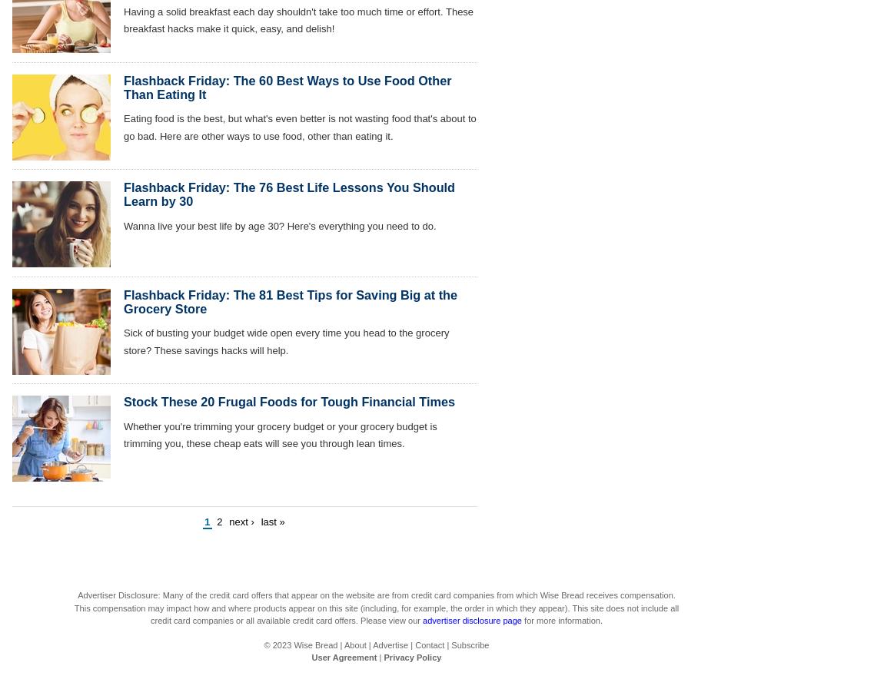 The width and height of the screenshot is (884, 699). Describe the element at coordinates (291, 300) in the screenshot. I see `'Flashback Friday: The 81 Best Tips for Saving Big at the Grocery Store'` at that location.